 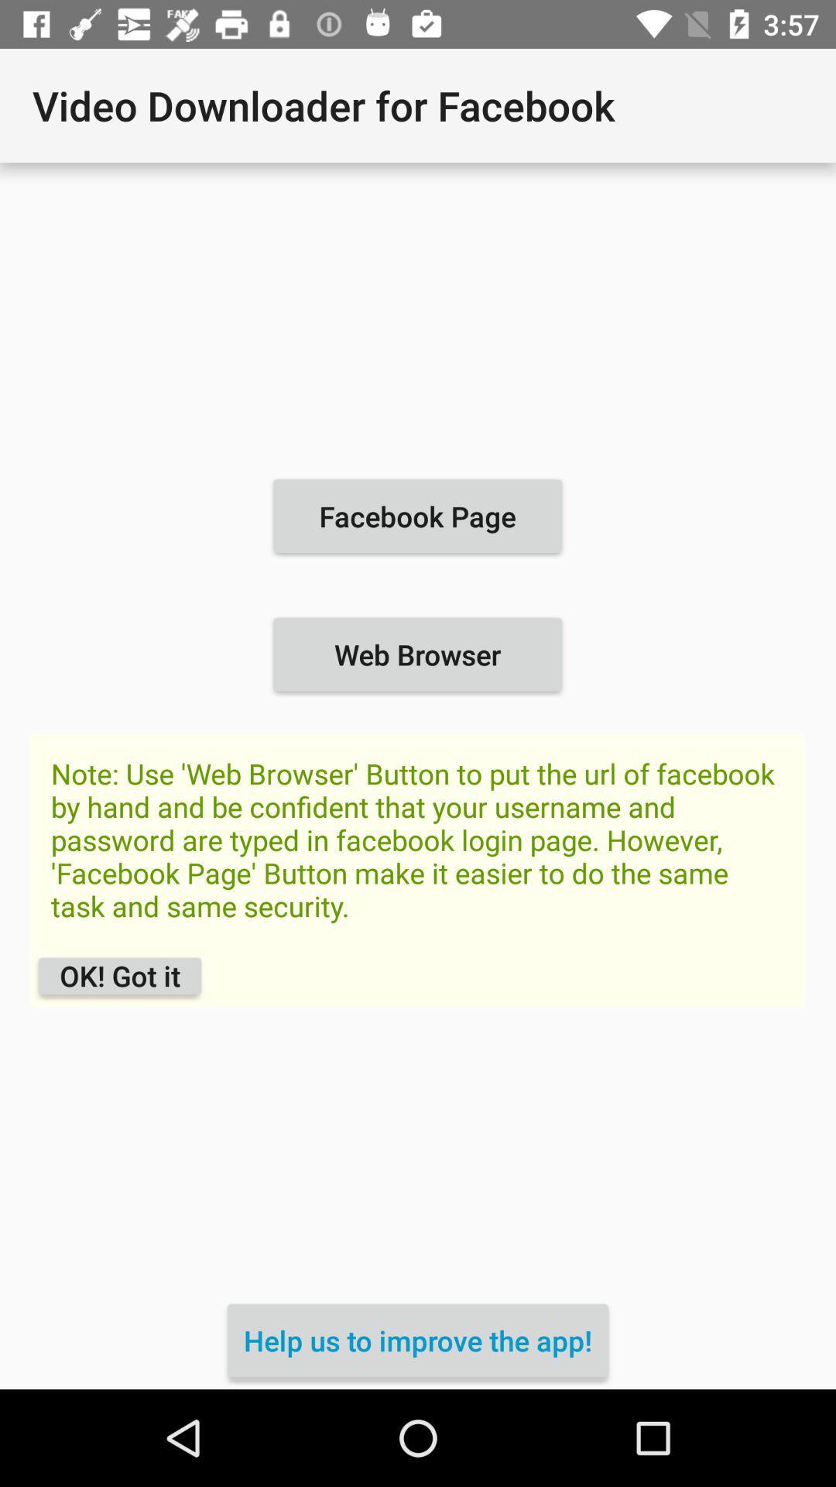 I want to click on the icon below note use web icon, so click(x=418, y=1340).